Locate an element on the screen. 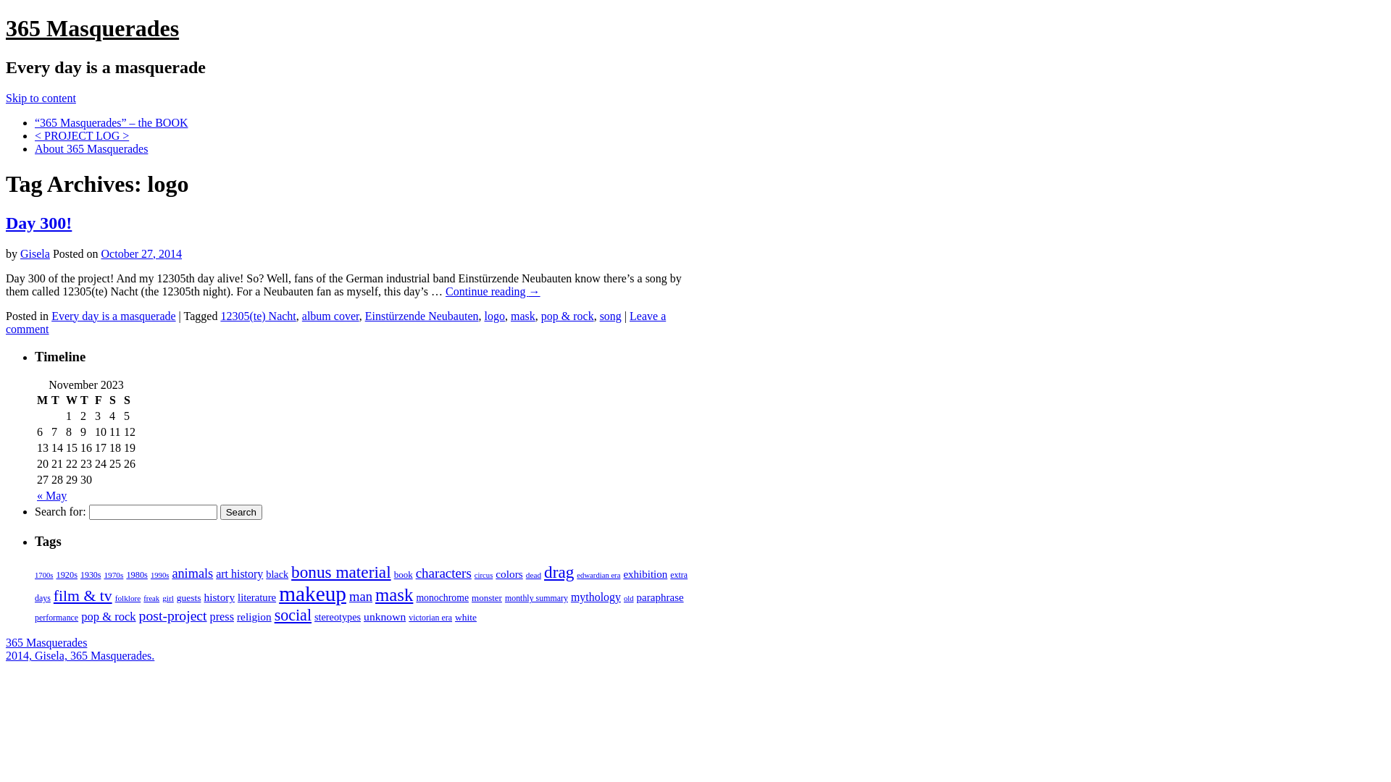 The image size is (1391, 782). 'post-project' is located at coordinates (173, 615).